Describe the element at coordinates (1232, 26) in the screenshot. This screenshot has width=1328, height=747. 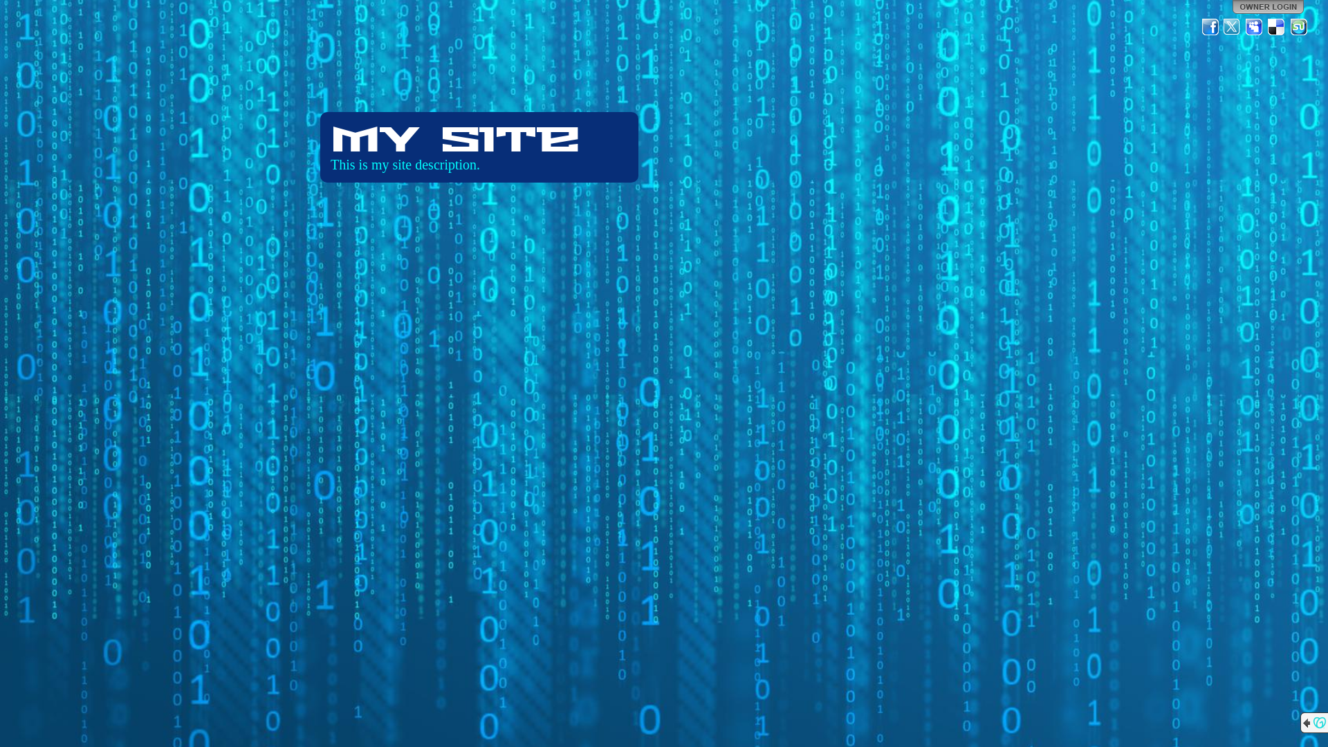
I see `'Twitter'` at that location.